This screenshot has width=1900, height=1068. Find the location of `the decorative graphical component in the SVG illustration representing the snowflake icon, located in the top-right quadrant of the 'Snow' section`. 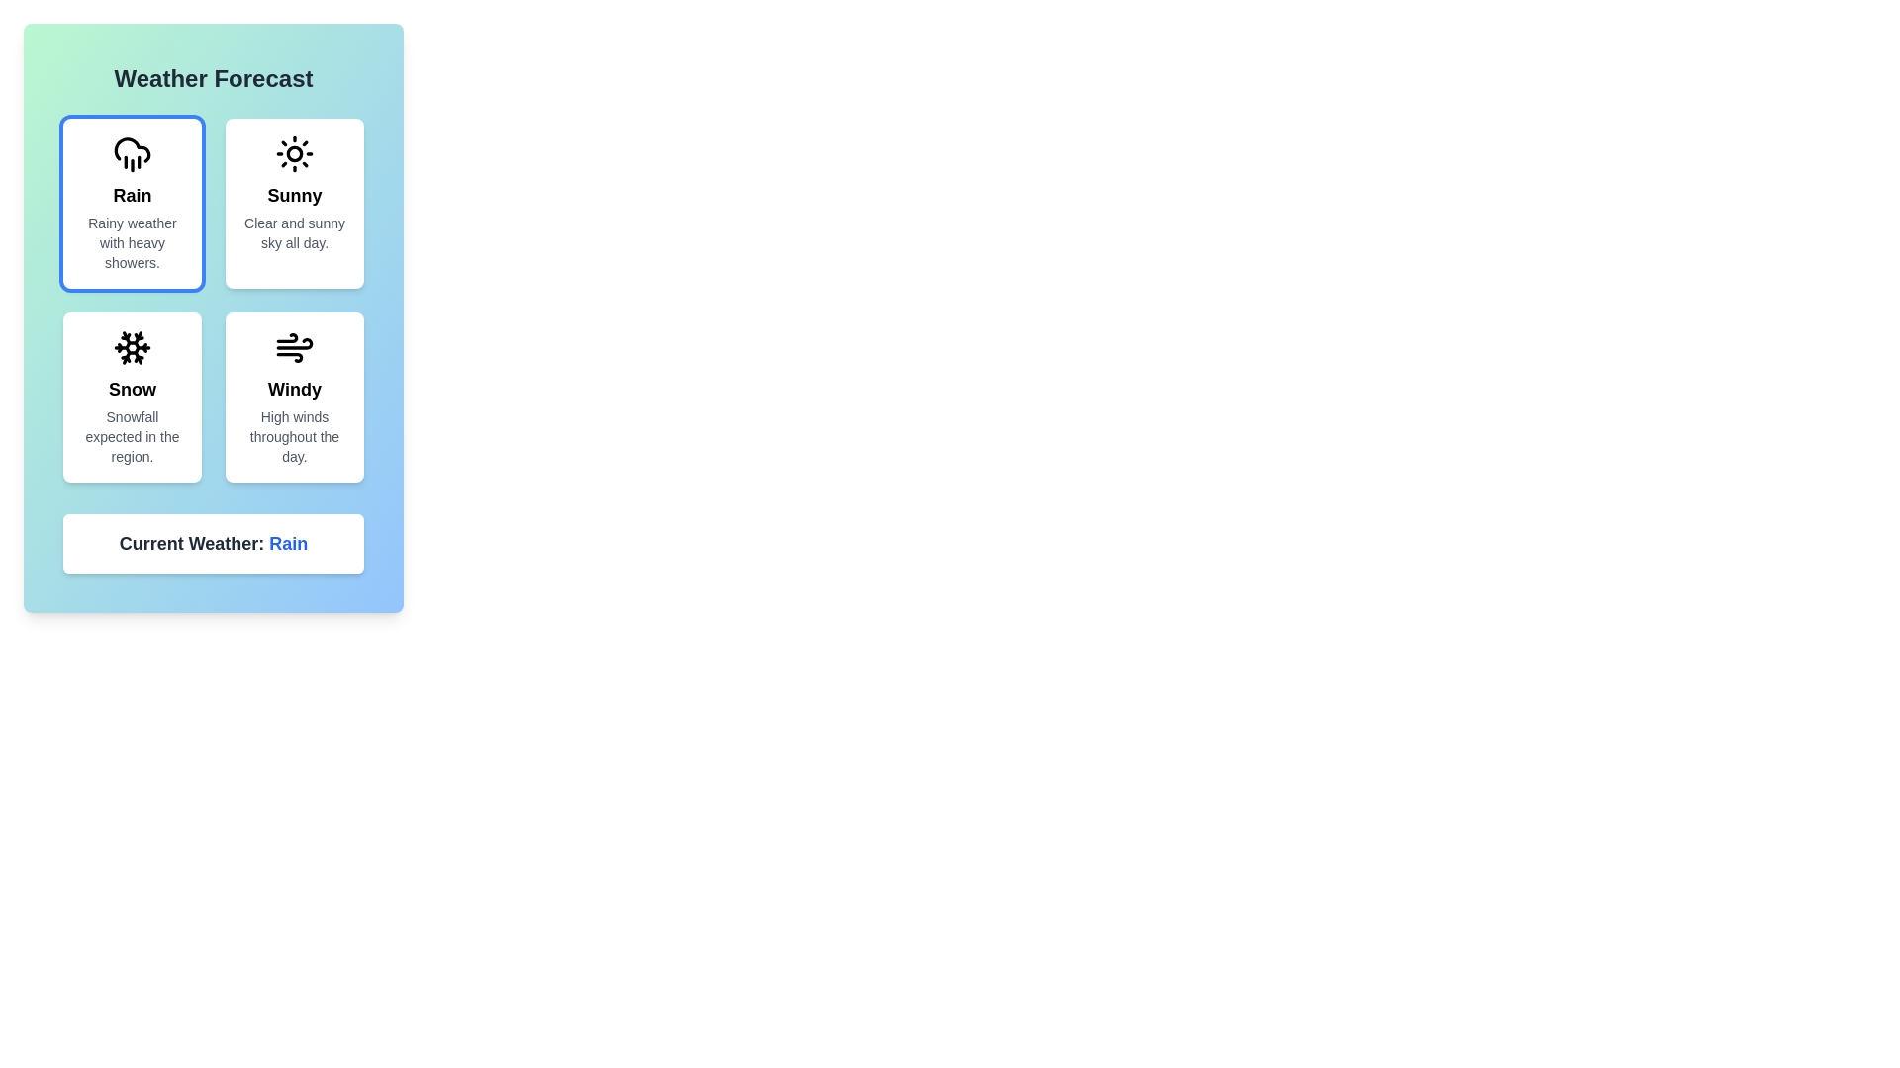

the decorative graphical component in the SVG illustration representing the snowflake icon, located in the top-right quadrant of the 'Snow' section is located at coordinates (137, 339).